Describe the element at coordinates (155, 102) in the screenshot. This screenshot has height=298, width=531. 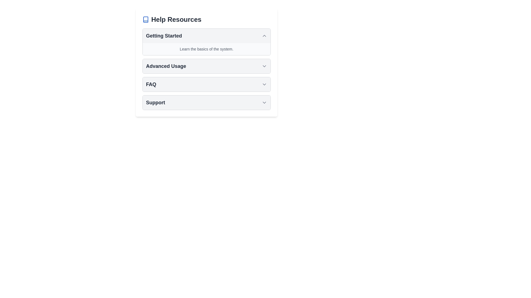
I see `the 'Support' Text Label, which is the fourth in the list of sections including 'Getting Started', 'Advanced Usage', and 'FAQ'` at that location.